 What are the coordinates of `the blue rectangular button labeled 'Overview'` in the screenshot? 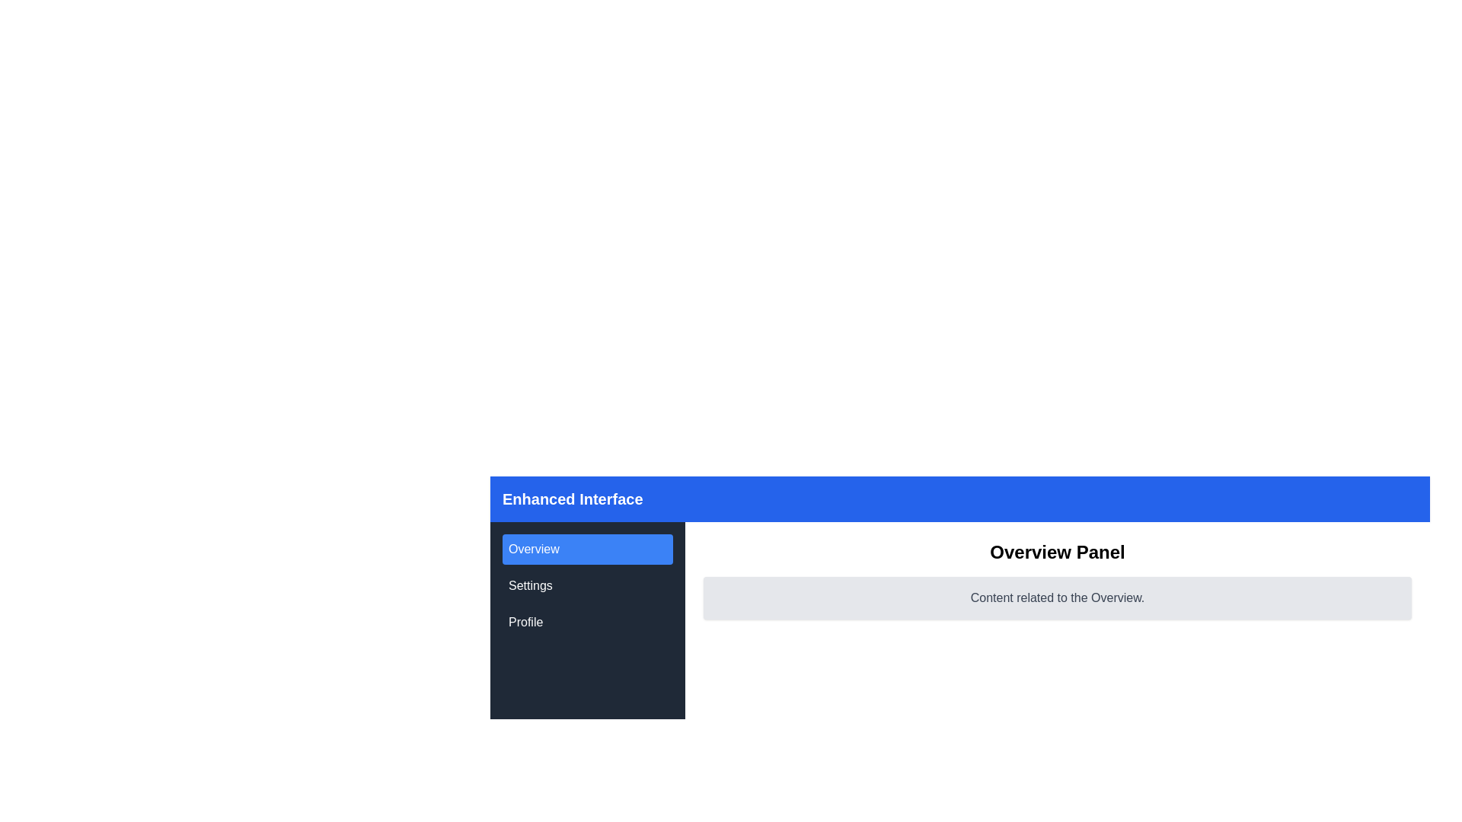 It's located at (587, 549).